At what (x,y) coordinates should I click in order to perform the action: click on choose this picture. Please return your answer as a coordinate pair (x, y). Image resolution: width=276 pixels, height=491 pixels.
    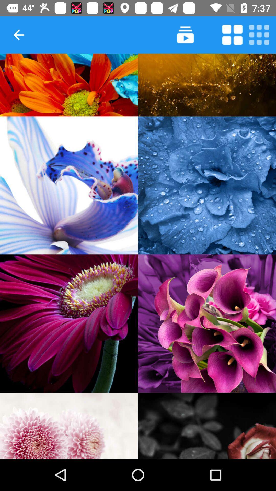
    Looking at the image, I should click on (207, 185).